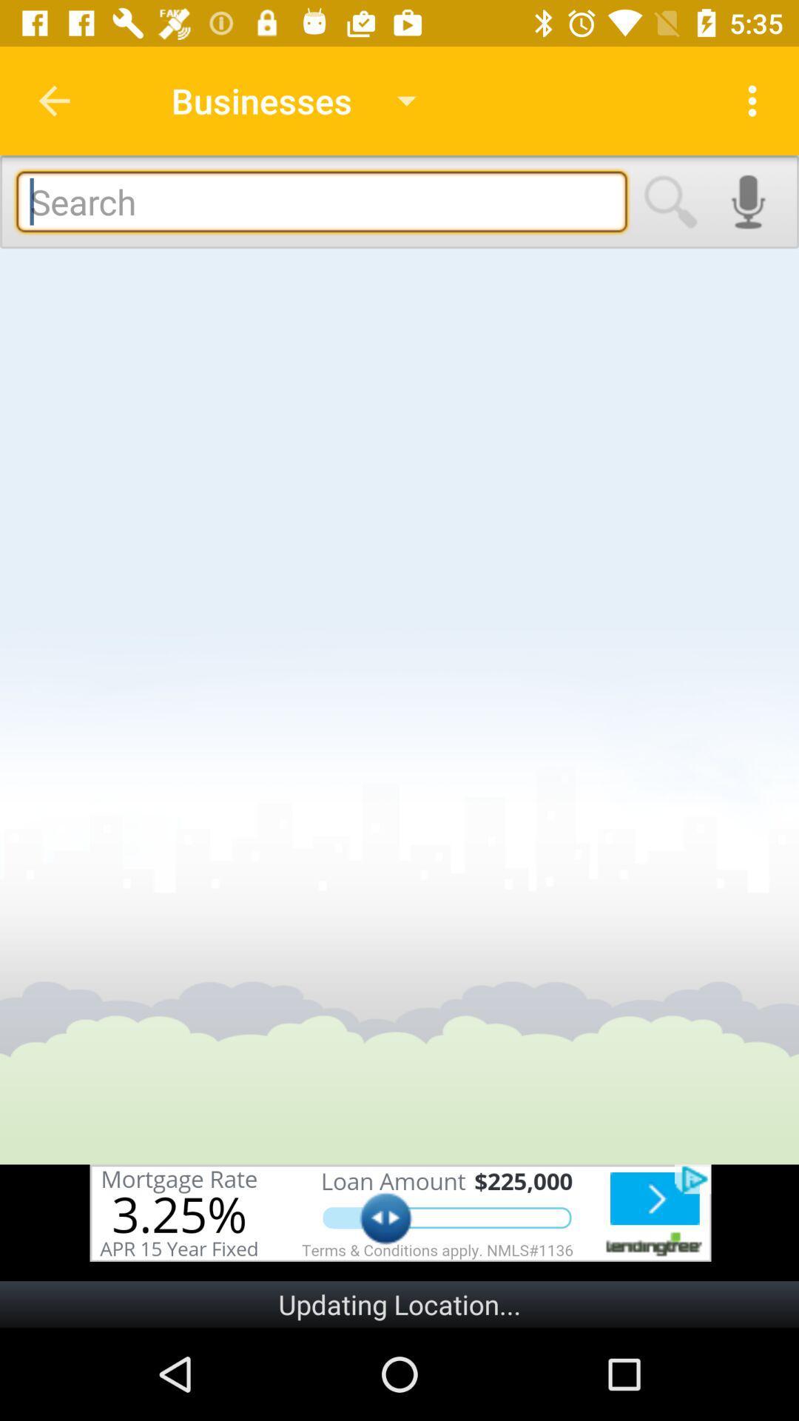 The image size is (799, 1421). Describe the element at coordinates (748, 201) in the screenshot. I see `speaker` at that location.